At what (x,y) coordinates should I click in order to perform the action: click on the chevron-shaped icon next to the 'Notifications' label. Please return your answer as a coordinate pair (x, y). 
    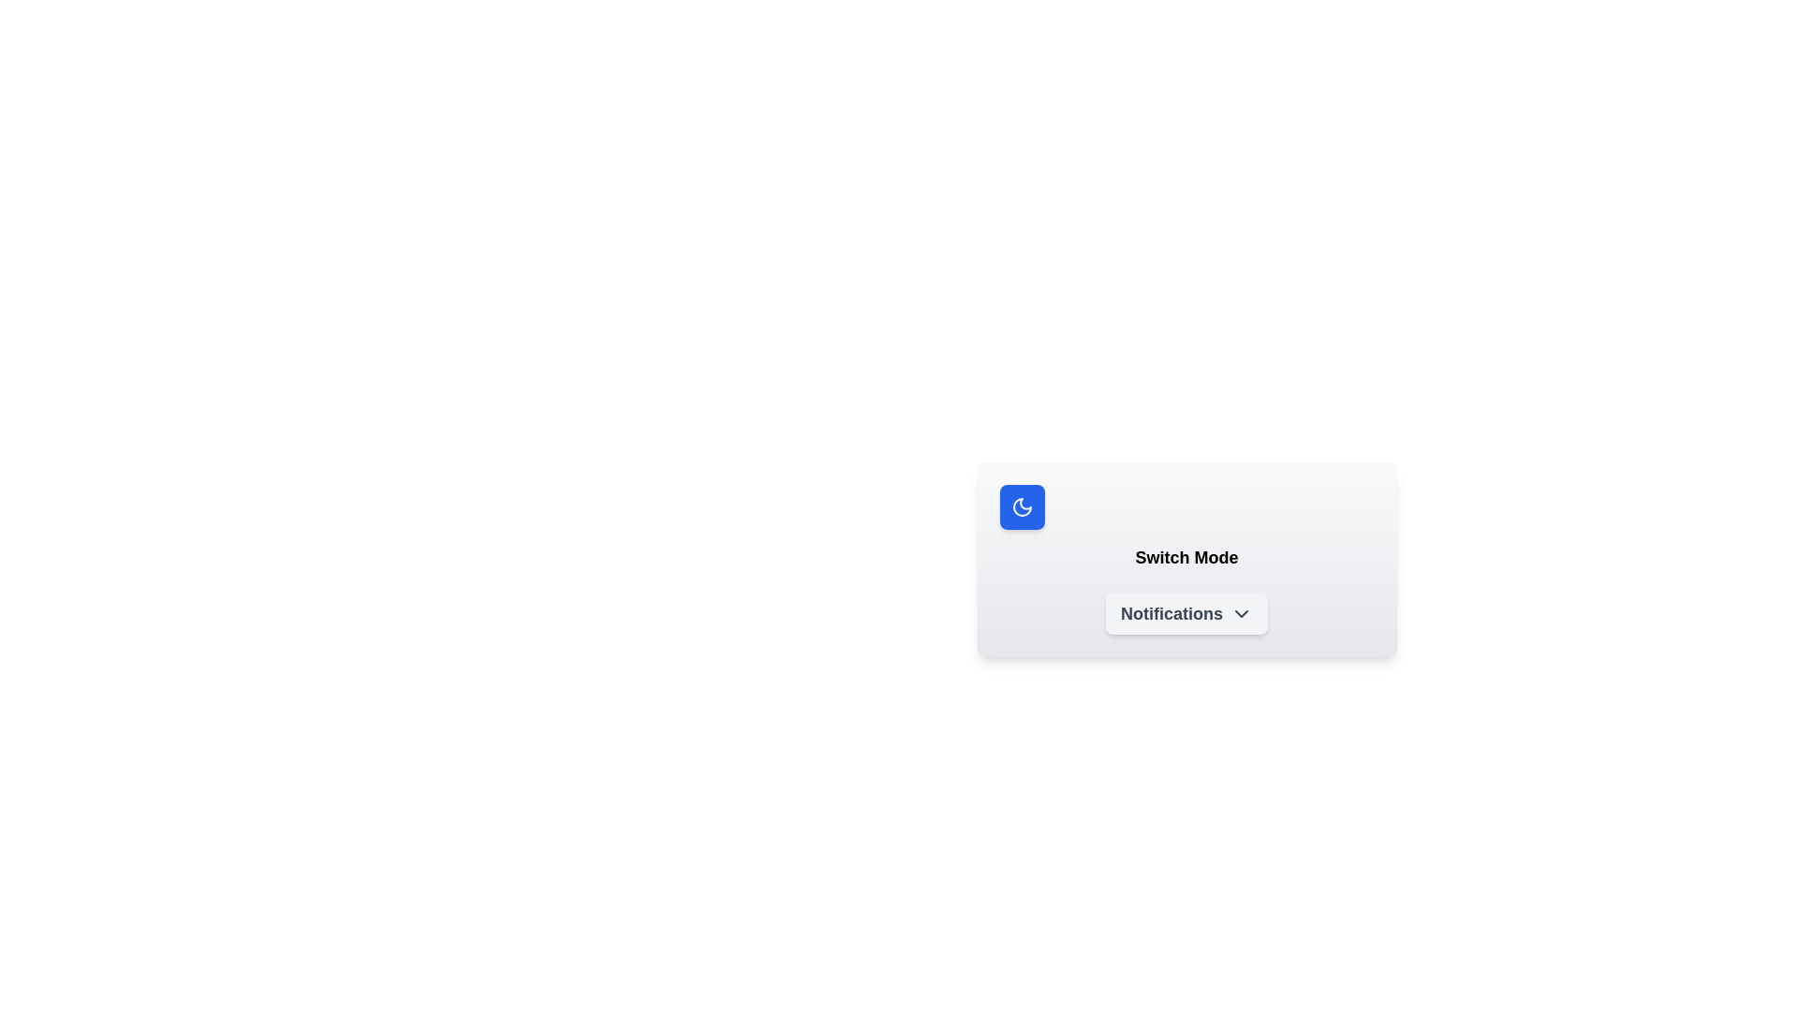
    Looking at the image, I should click on (1241, 613).